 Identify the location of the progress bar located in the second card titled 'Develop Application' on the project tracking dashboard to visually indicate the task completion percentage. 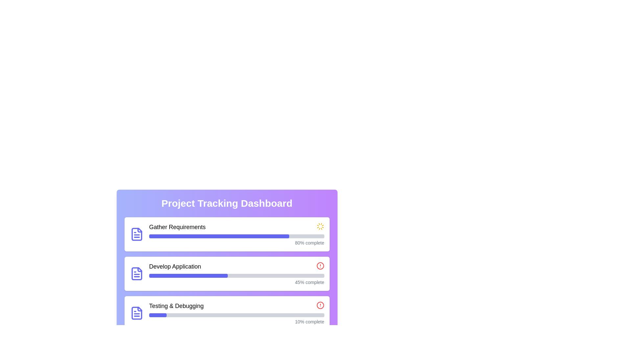
(237, 276).